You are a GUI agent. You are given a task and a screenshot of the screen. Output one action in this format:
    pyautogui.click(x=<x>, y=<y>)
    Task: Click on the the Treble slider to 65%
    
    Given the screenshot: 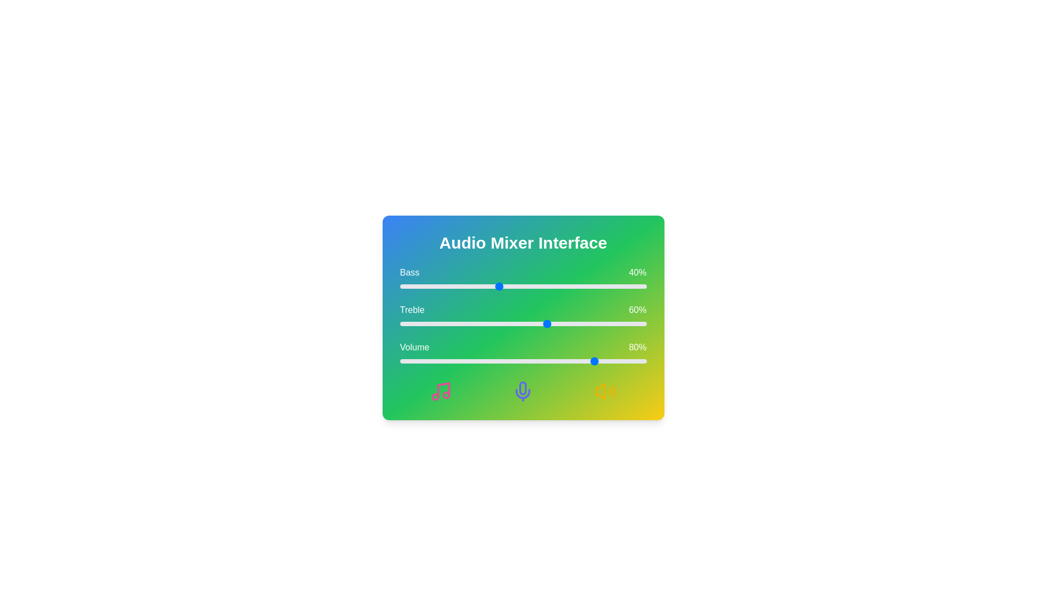 What is the action you would take?
    pyautogui.click(x=560, y=323)
    